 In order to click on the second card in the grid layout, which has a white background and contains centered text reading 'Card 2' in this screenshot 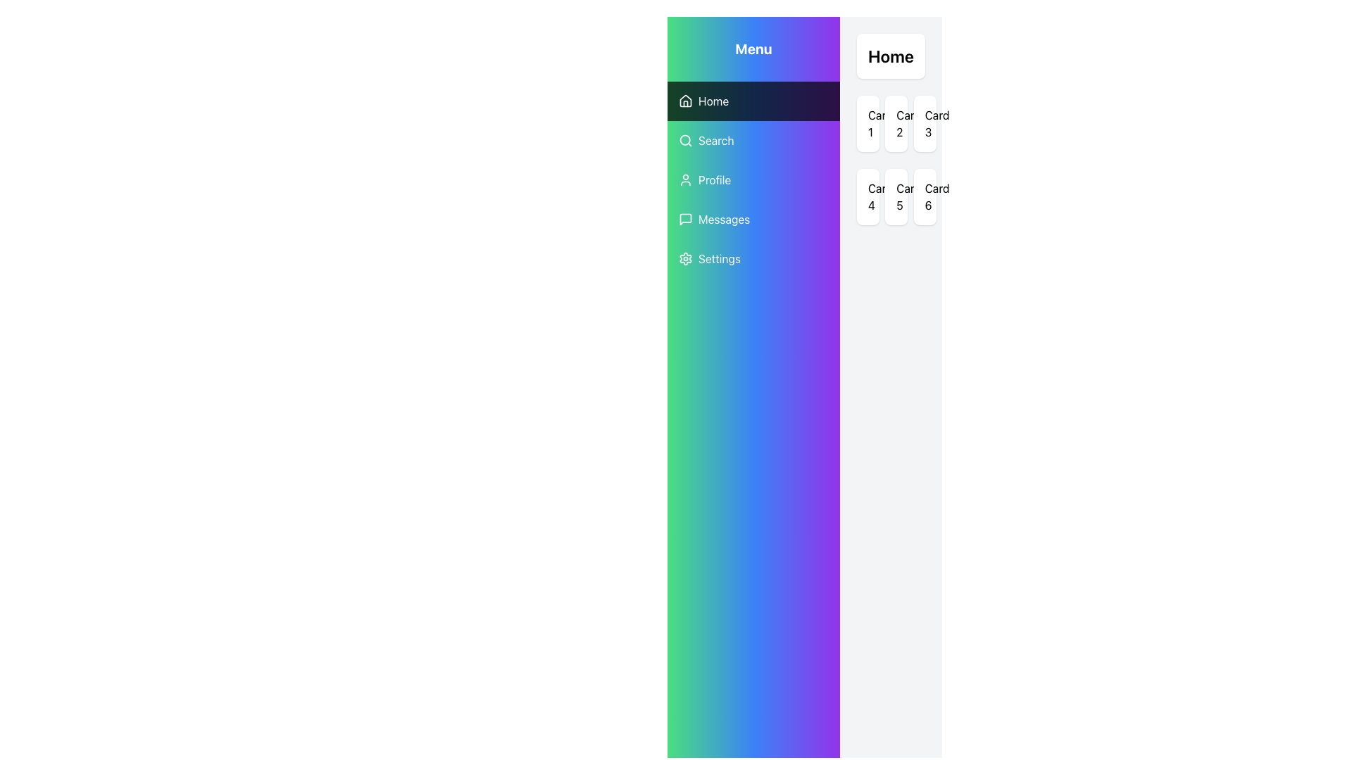, I will do `click(896, 123)`.